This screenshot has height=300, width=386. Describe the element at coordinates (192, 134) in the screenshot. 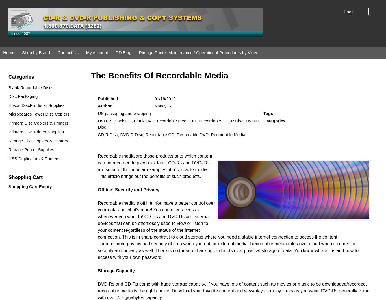

I see `'Recordable DVD'` at that location.